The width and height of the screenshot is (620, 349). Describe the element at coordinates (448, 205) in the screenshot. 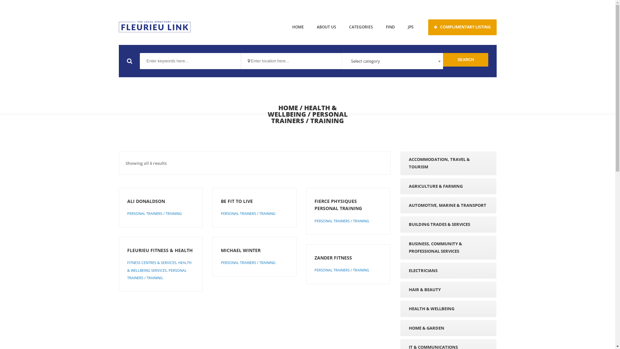

I see `'AUTOMOTIVE, MARINE & TRANSPORT'` at that location.